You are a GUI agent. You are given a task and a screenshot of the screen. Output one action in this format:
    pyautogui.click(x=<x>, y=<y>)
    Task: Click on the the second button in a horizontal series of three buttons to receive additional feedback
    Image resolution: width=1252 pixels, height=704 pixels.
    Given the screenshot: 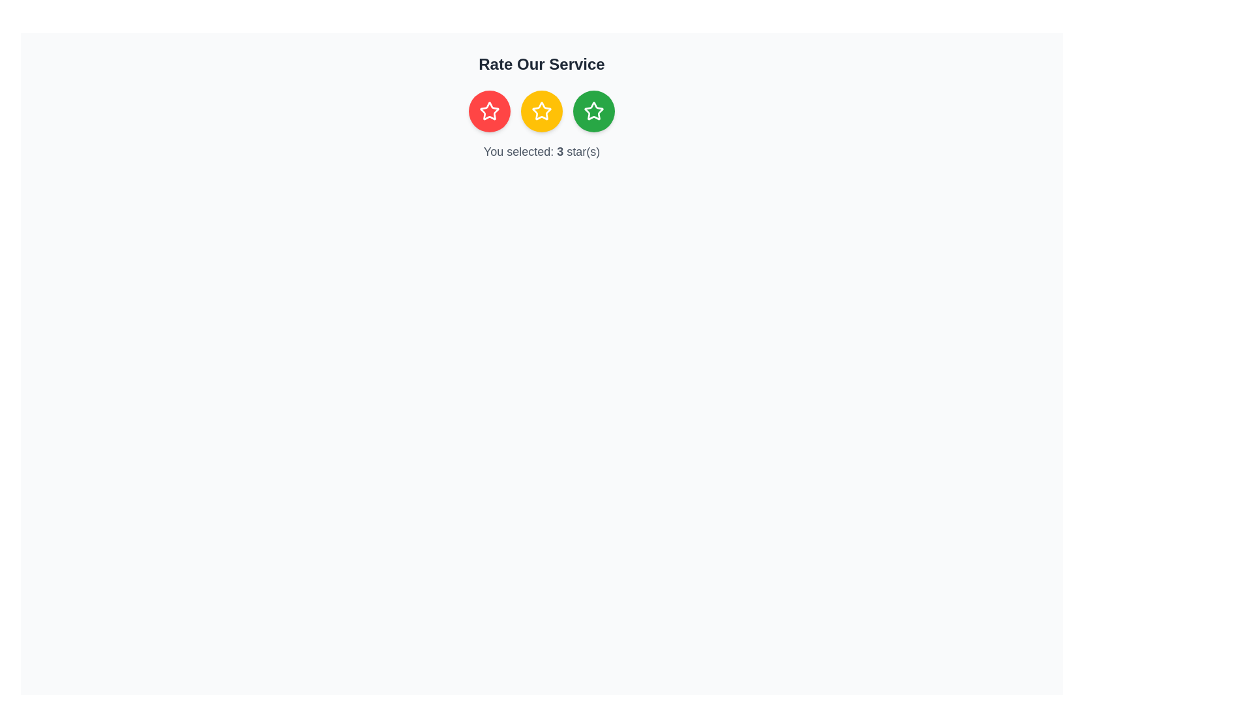 What is the action you would take?
    pyautogui.click(x=541, y=110)
    